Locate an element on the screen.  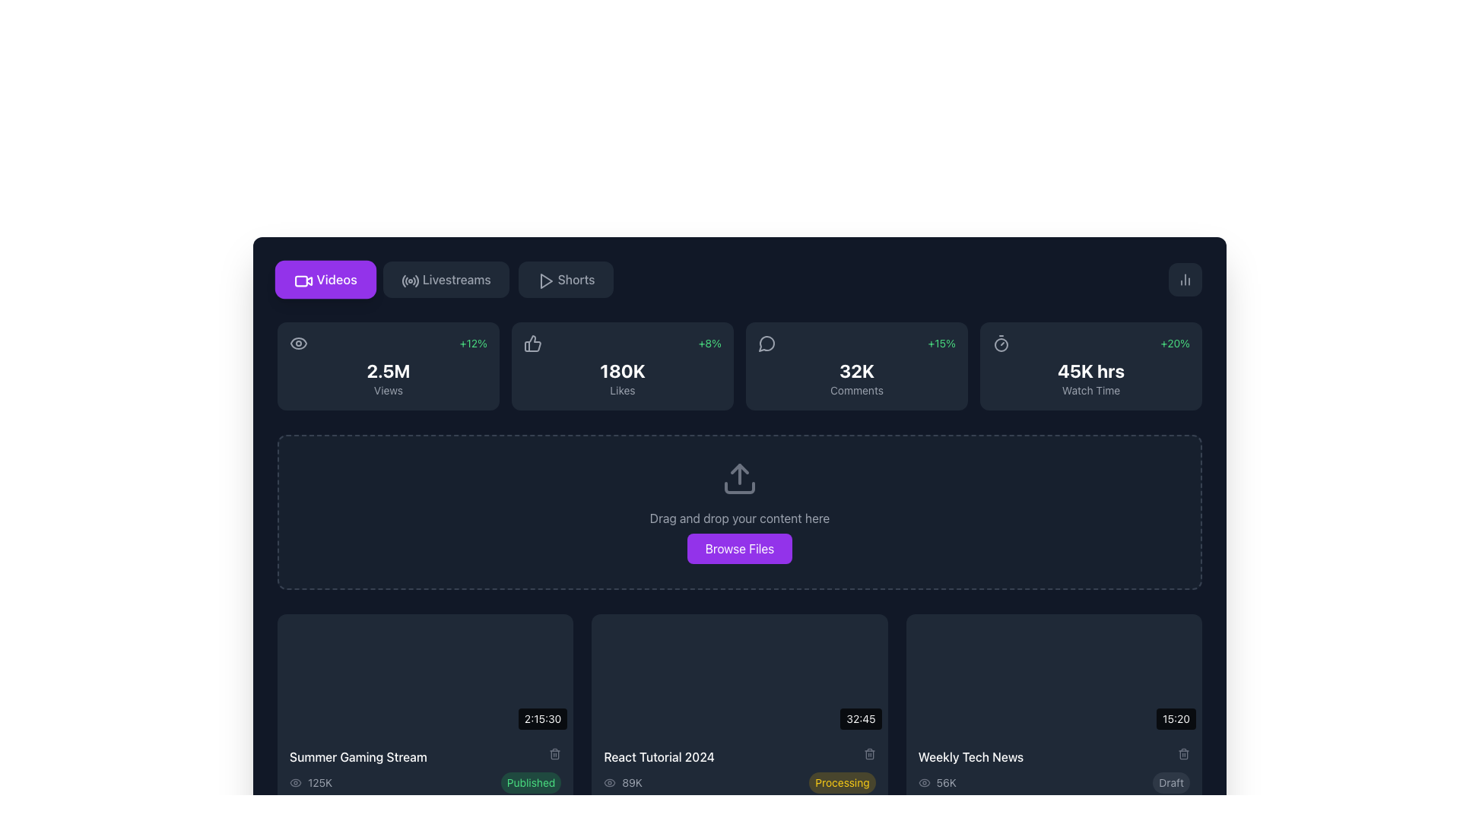
the 'Published' label, which is displayed in a small, rounded rectangle with a semi-transparent green background, located at the bottom right of a content card is located at coordinates (531, 782).